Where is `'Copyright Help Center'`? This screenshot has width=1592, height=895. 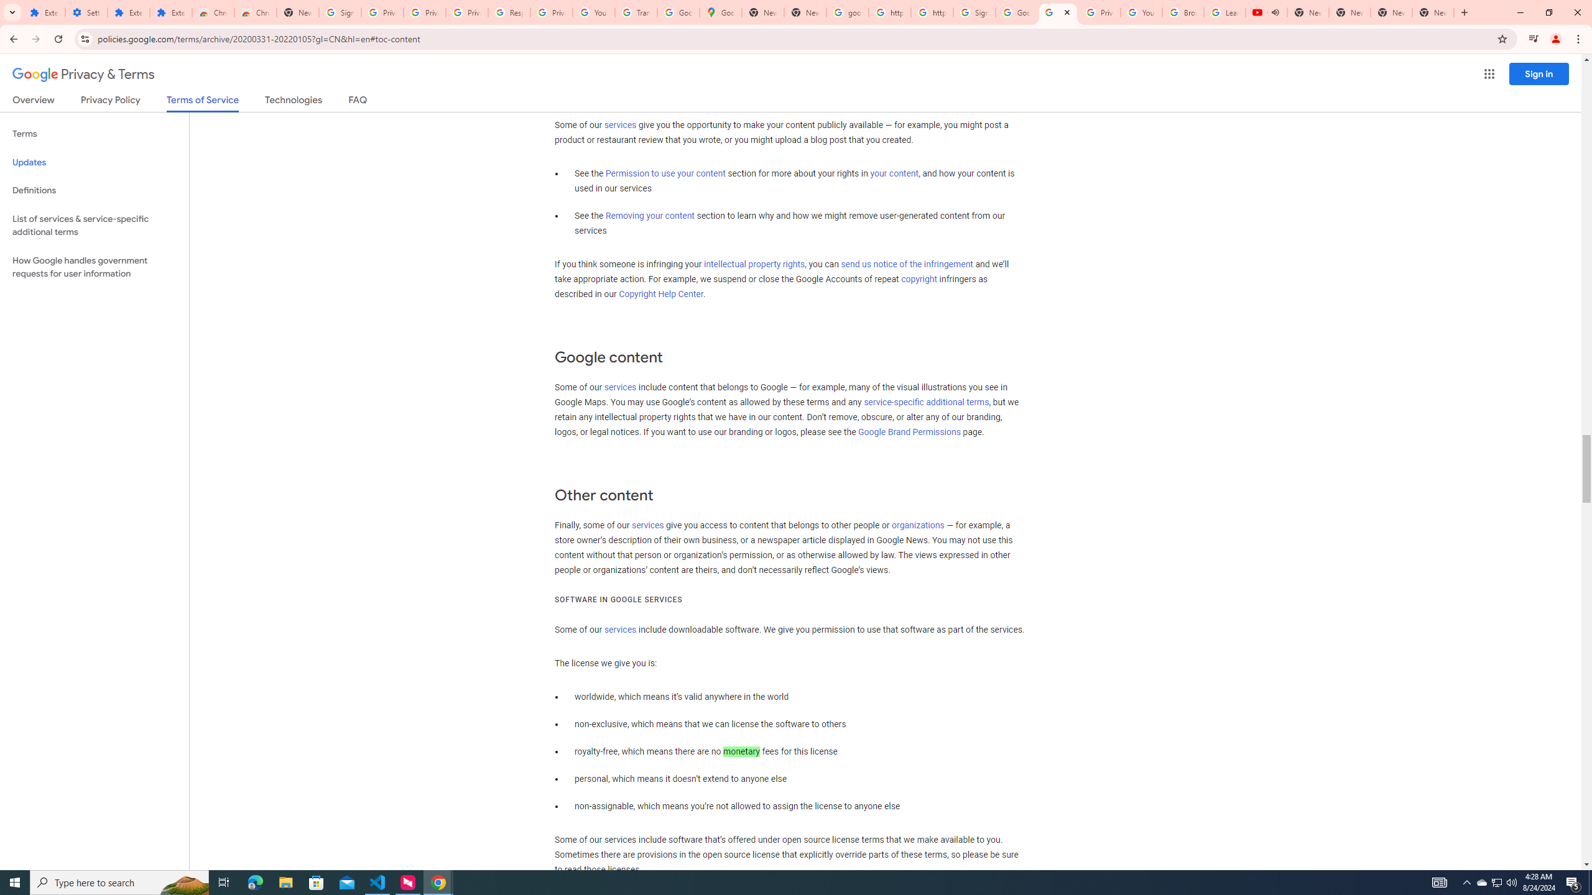 'Copyright Help Center' is located at coordinates (661, 293).